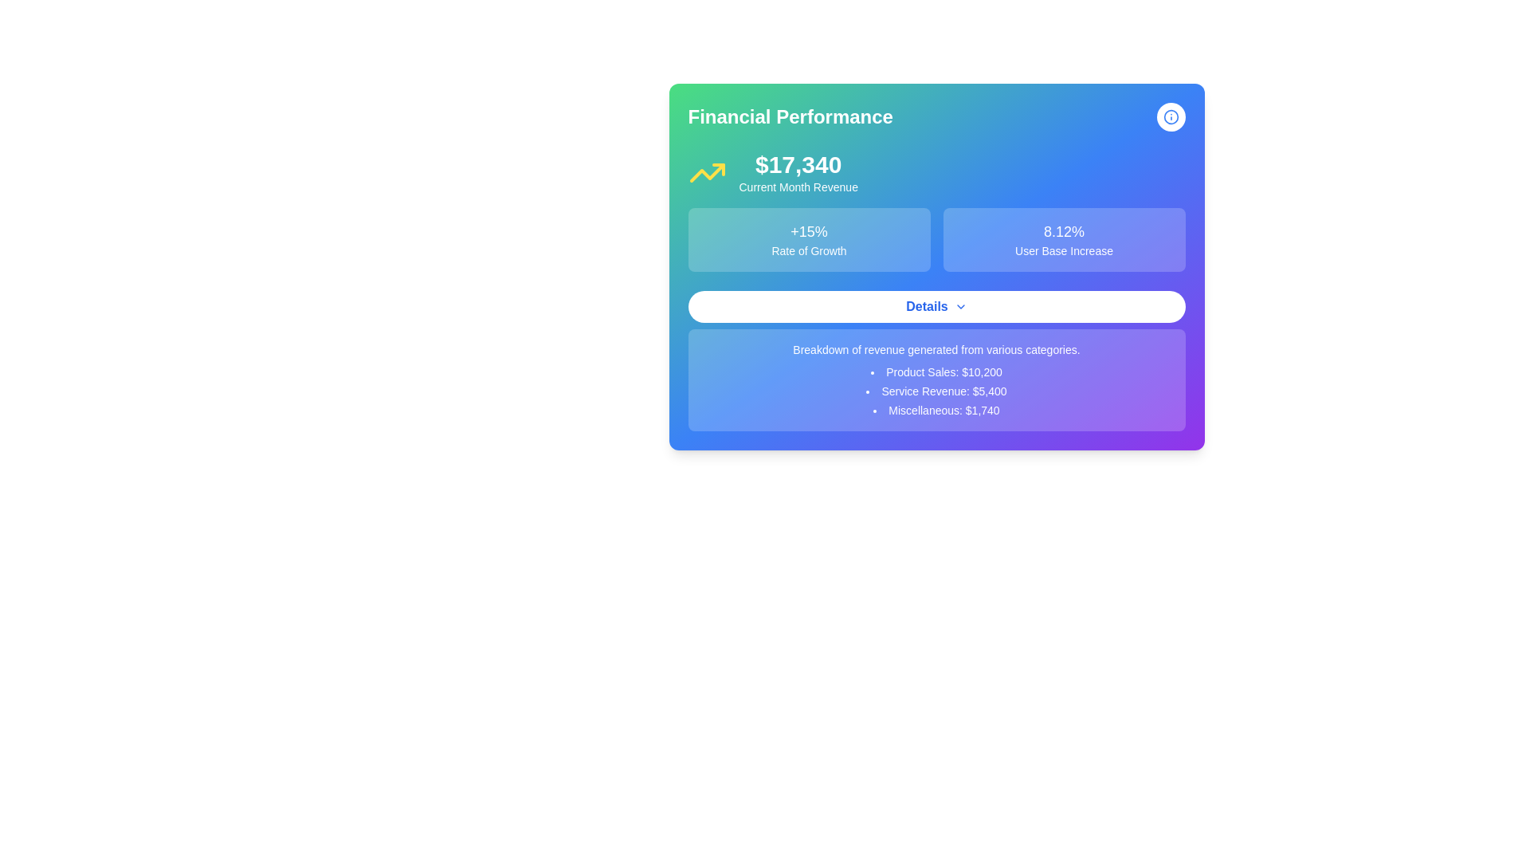 Image resolution: width=1530 pixels, height=861 pixels. I want to click on the Informational panel displaying growth rates and user base increase, which is centrally positioned within the card labeled 'Financial Performance', so click(936, 239).